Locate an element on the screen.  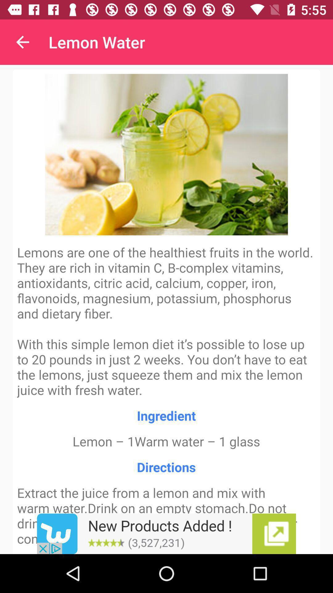
click advertisement is located at coordinates (166, 533).